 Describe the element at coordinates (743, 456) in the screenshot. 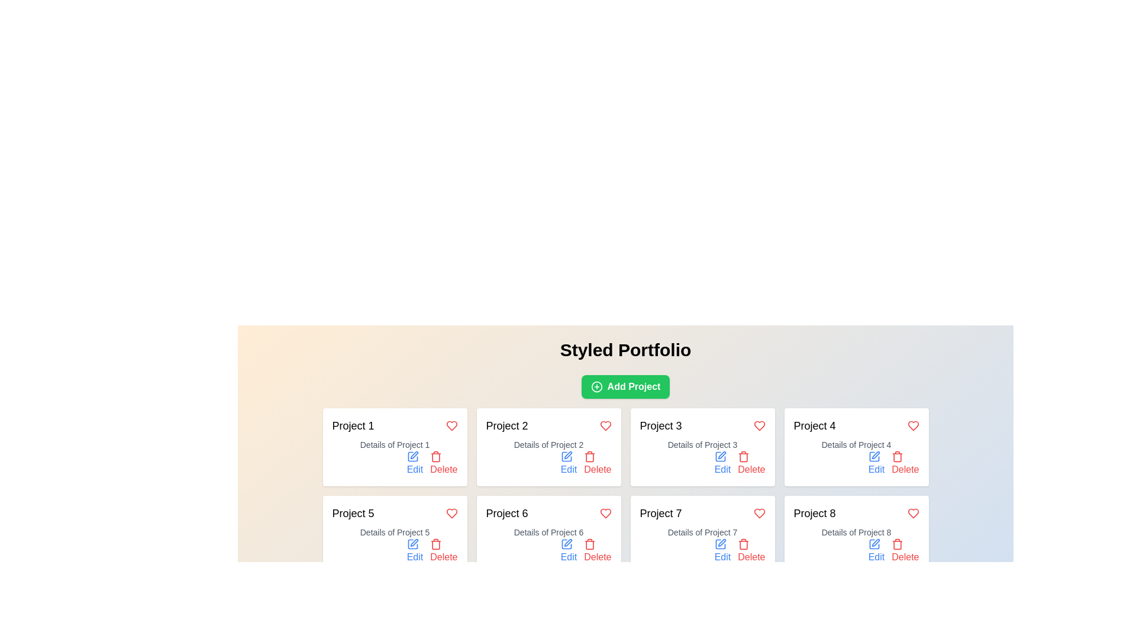

I see `the delete icon located below 'Project 3' in the grid view of the page` at that location.